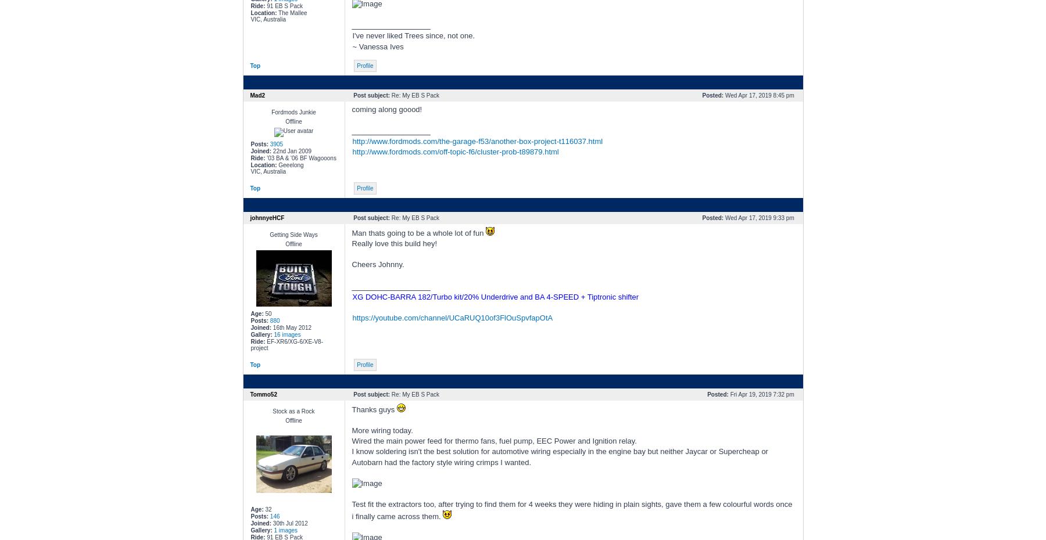  Describe the element at coordinates (291, 150) in the screenshot. I see `'22nd Jan 2009'` at that location.